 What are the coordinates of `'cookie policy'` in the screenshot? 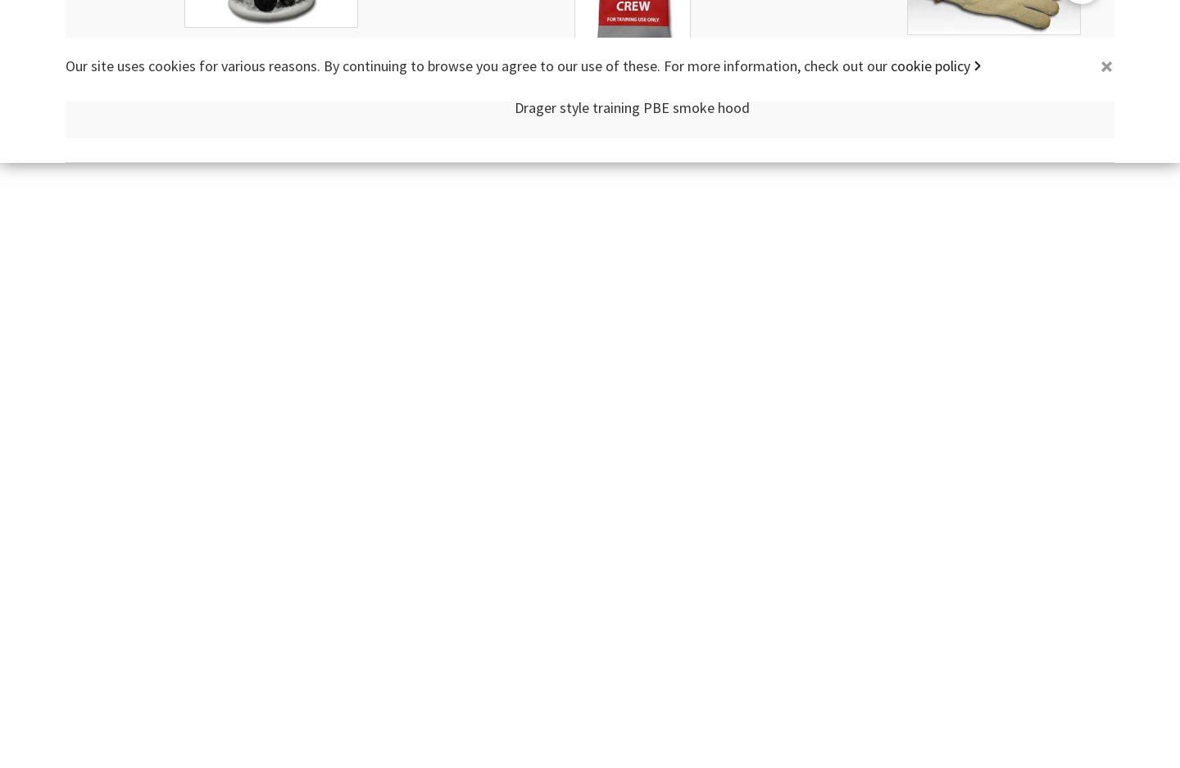 It's located at (929, 65).